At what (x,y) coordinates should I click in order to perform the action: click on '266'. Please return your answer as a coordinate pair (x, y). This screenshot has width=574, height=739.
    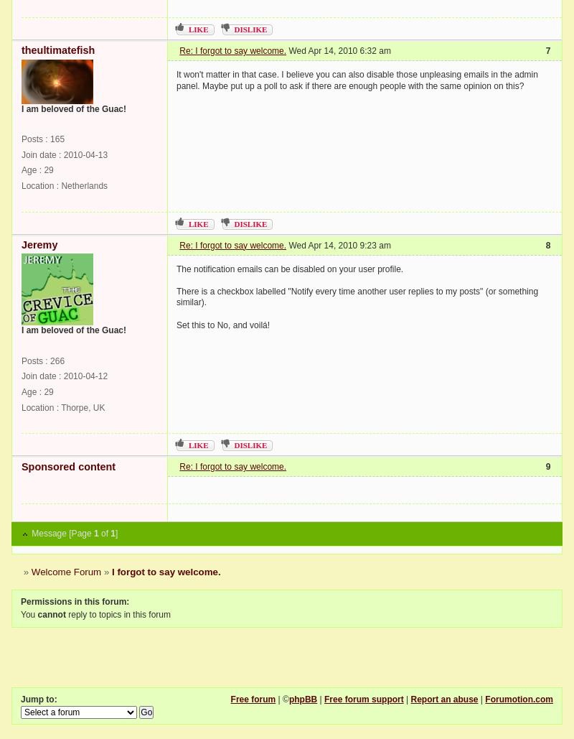
    Looking at the image, I should click on (57, 361).